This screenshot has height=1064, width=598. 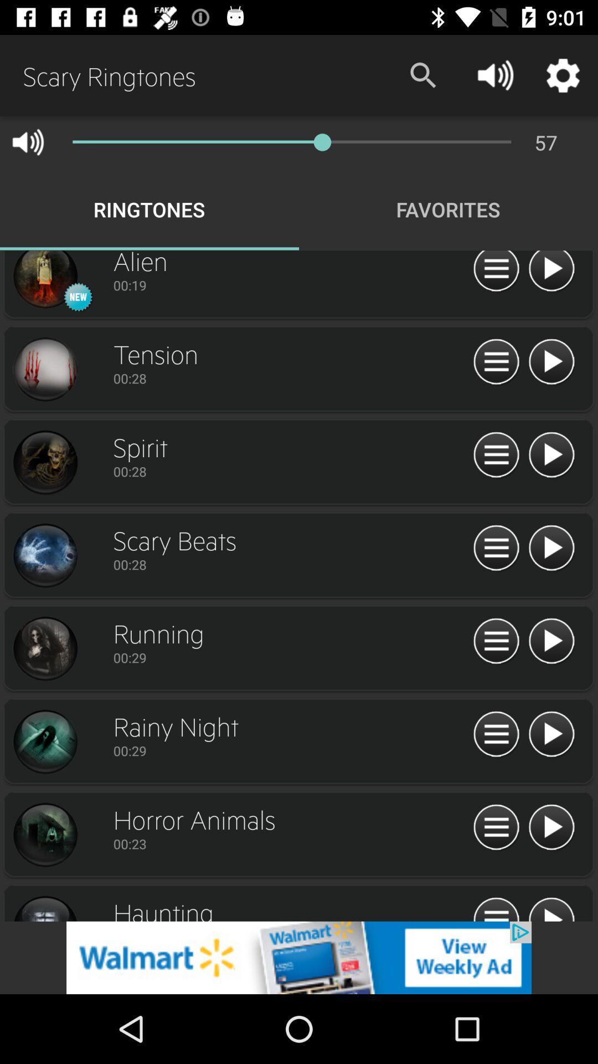 I want to click on switch to more options, so click(x=496, y=273).